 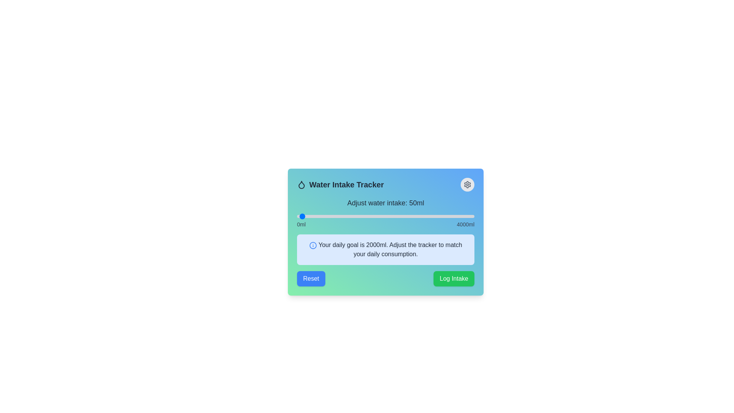 What do you see at coordinates (301, 184) in the screenshot?
I see `the water droplet icon located at the start of the header section of the card-like widget, positioned left to the title 'Water Intake Tracker'` at bounding box center [301, 184].